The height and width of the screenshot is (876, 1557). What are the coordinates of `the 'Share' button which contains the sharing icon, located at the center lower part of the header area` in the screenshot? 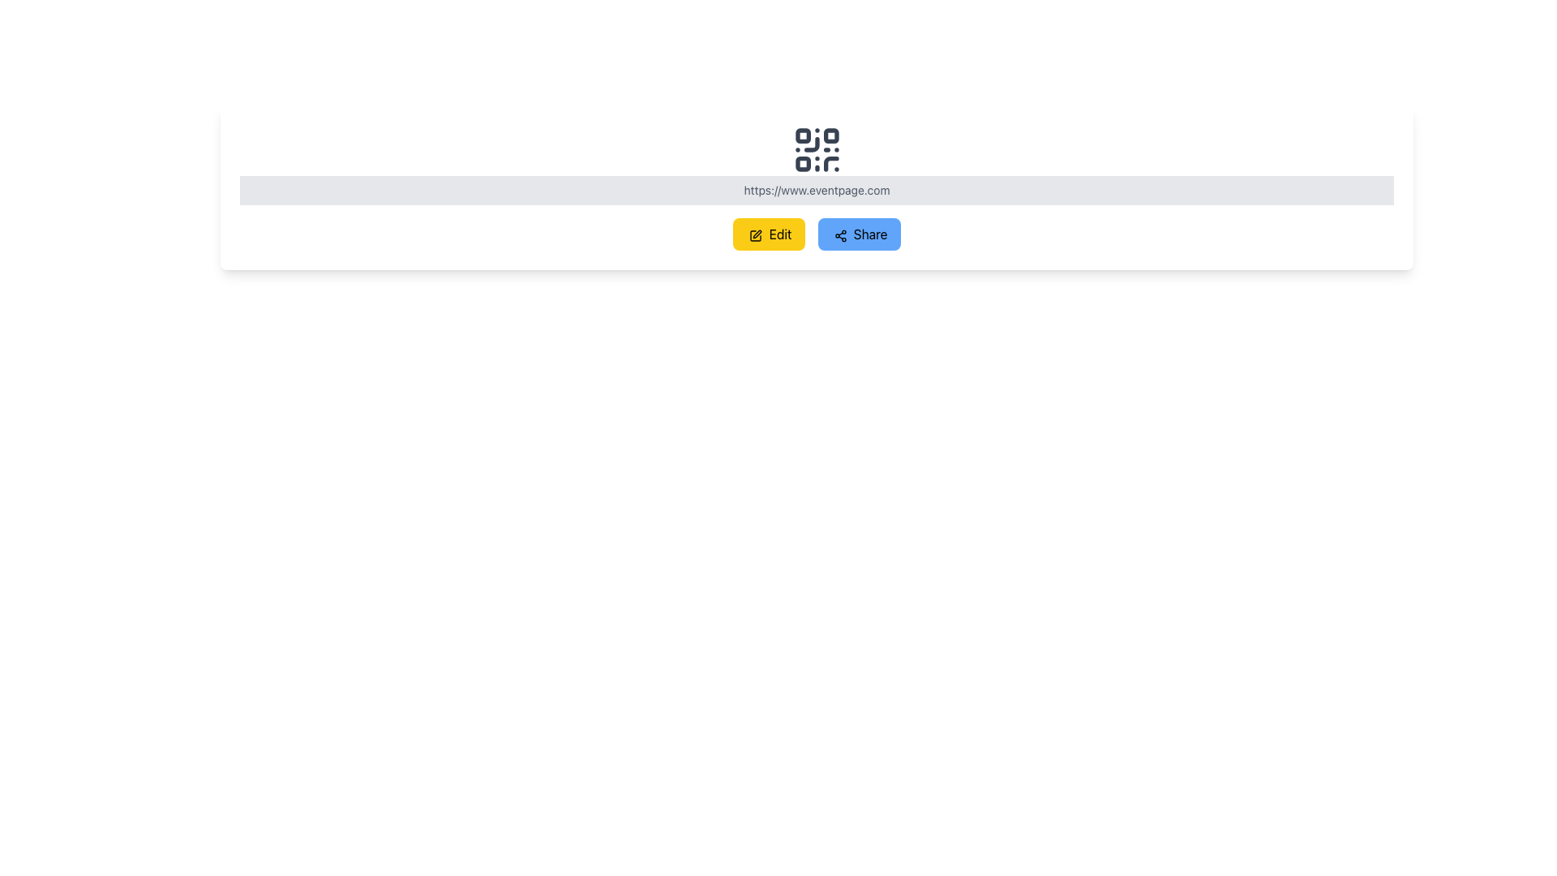 It's located at (840, 235).